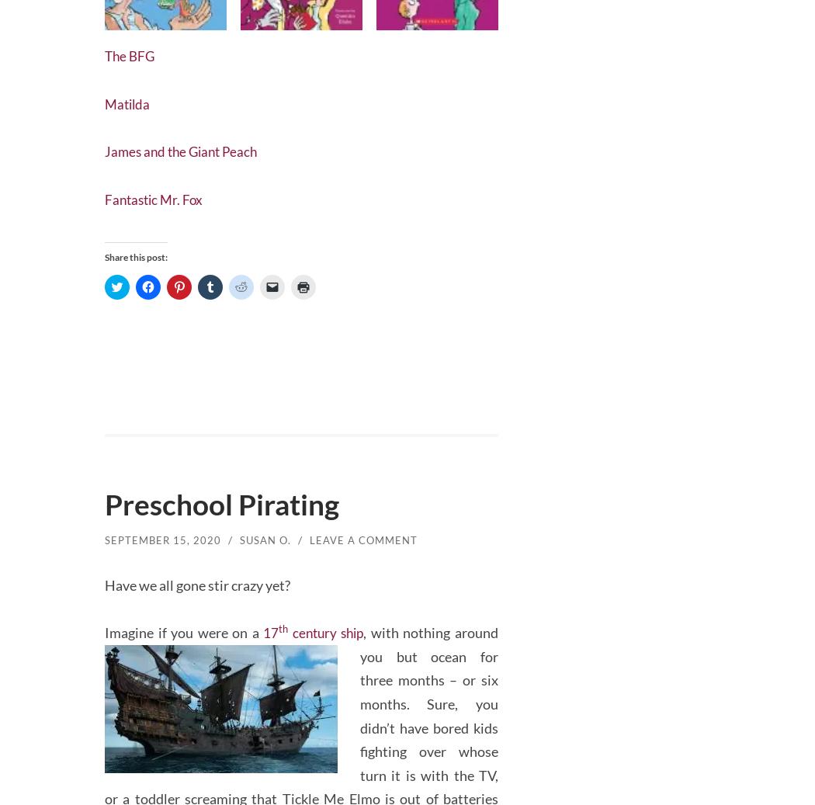  I want to click on 'James and the Giant Peach', so click(185, 146).